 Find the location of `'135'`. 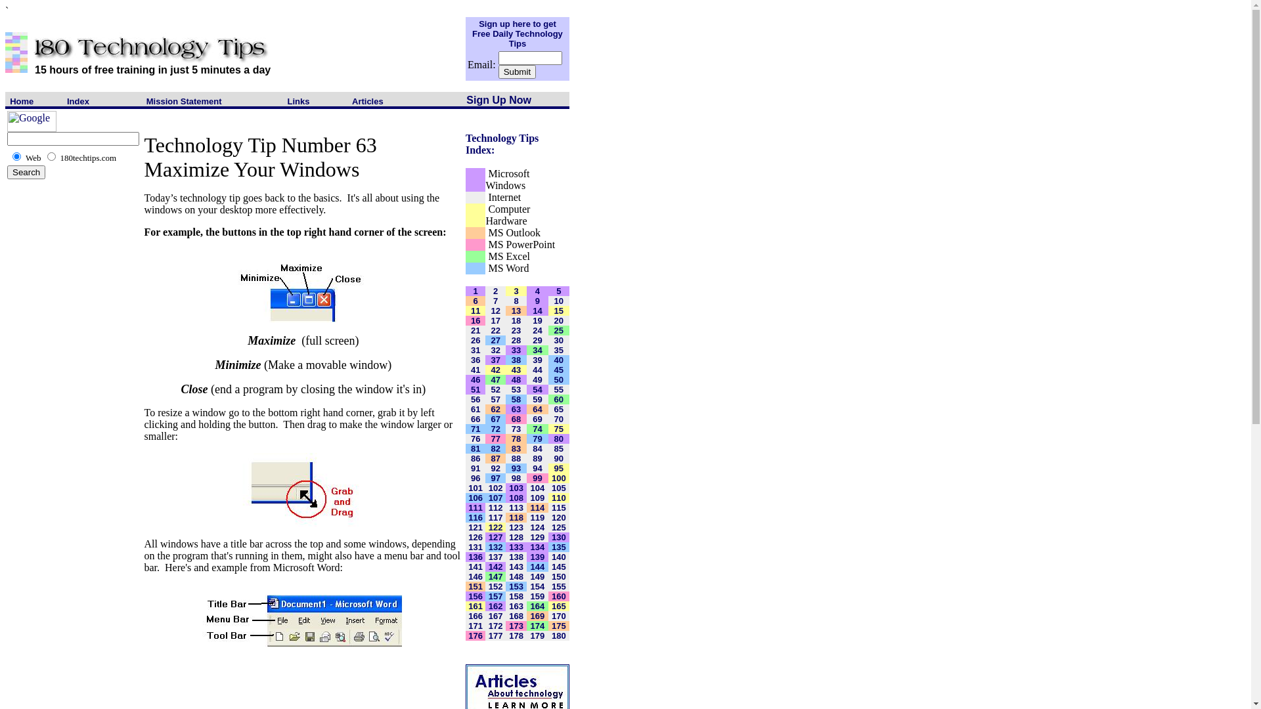

'135' is located at coordinates (558, 546).